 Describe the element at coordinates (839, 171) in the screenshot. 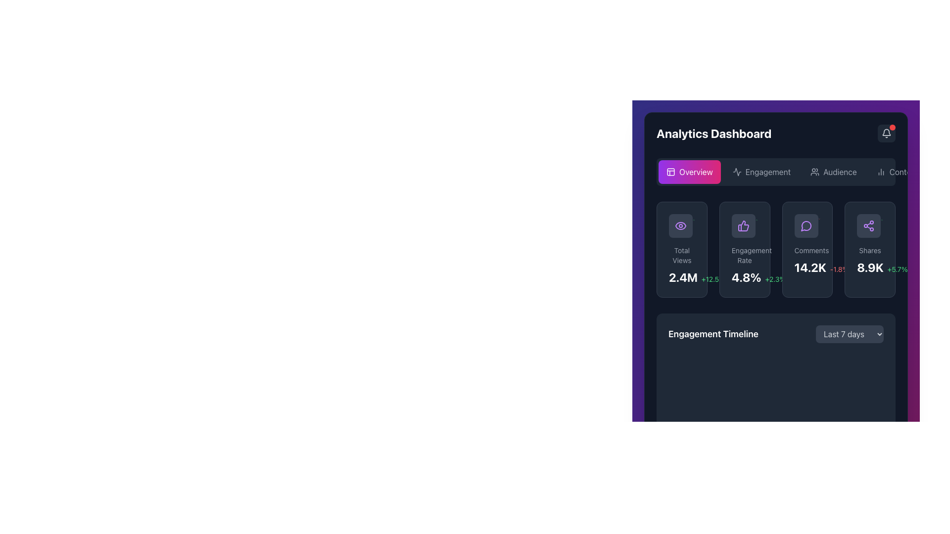

I see `the 'Audience' navigation tab located` at that location.